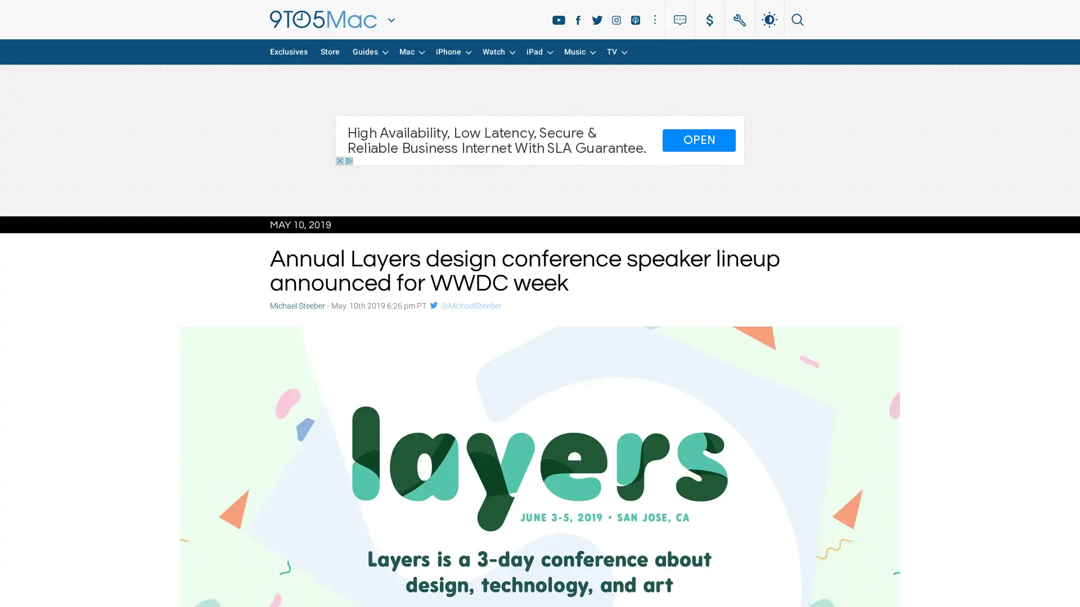 Image resolution: width=1080 pixels, height=607 pixels. Describe the element at coordinates (391, 19) in the screenshot. I see `Switch site` at that location.